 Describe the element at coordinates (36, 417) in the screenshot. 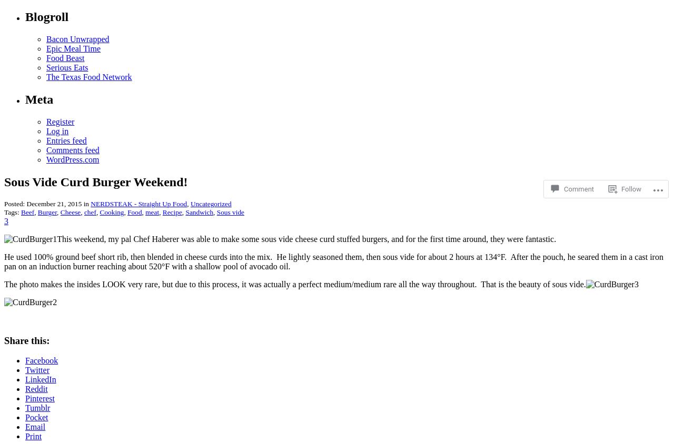

I see `'Pocket'` at that location.